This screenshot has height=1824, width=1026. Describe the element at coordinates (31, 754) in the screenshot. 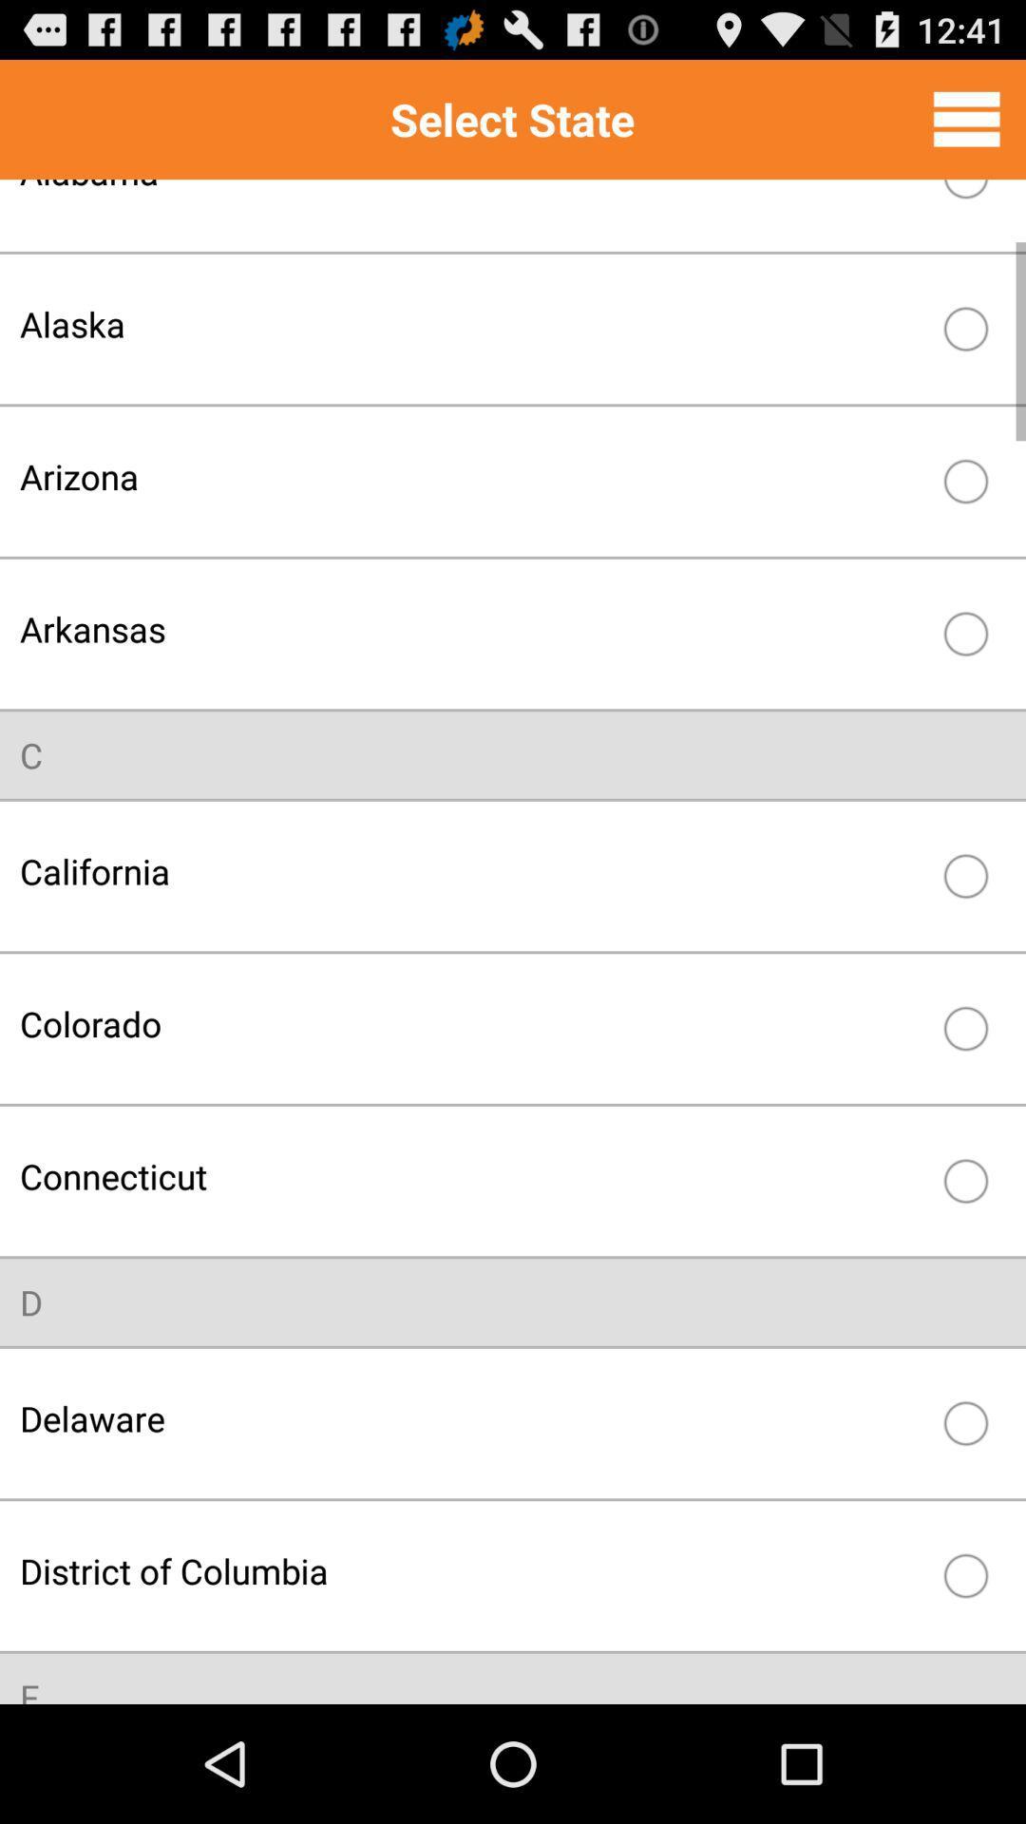

I see `c item` at that location.